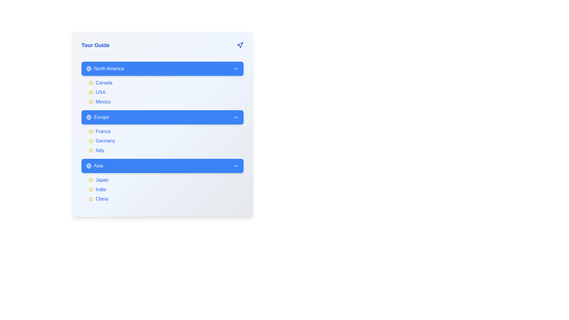 This screenshot has height=320, width=569. What do you see at coordinates (91, 189) in the screenshot?
I see `the golden-yellow star icon located next to the 'India' label in the Asia section of the guide` at bounding box center [91, 189].